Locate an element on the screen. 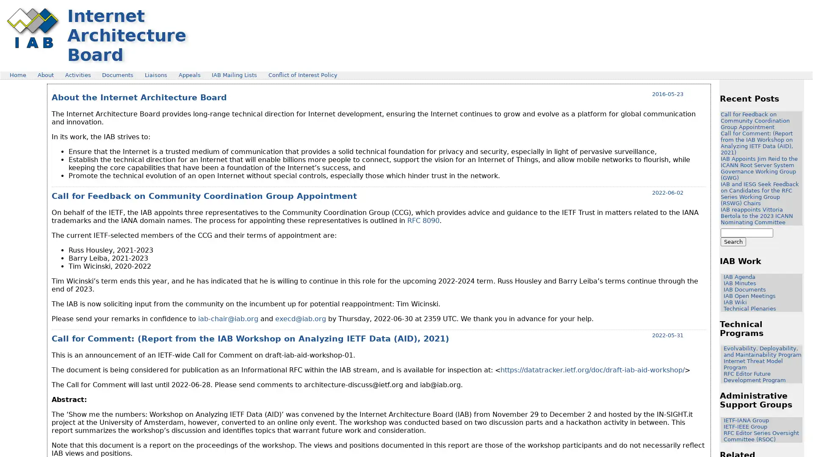 This screenshot has height=457, width=813. Search is located at coordinates (733, 242).